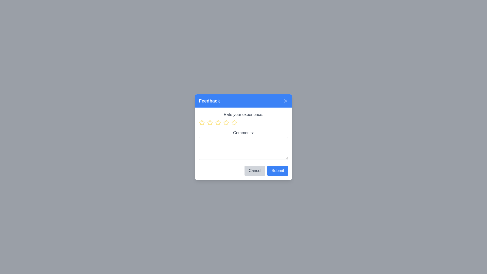 The width and height of the screenshot is (487, 274). What do you see at coordinates (210, 123) in the screenshot?
I see `the second star-shaped icon button, which is yellow and outlined, located within the 'Rate your experience' feedback dialog box to interact with it` at bounding box center [210, 123].